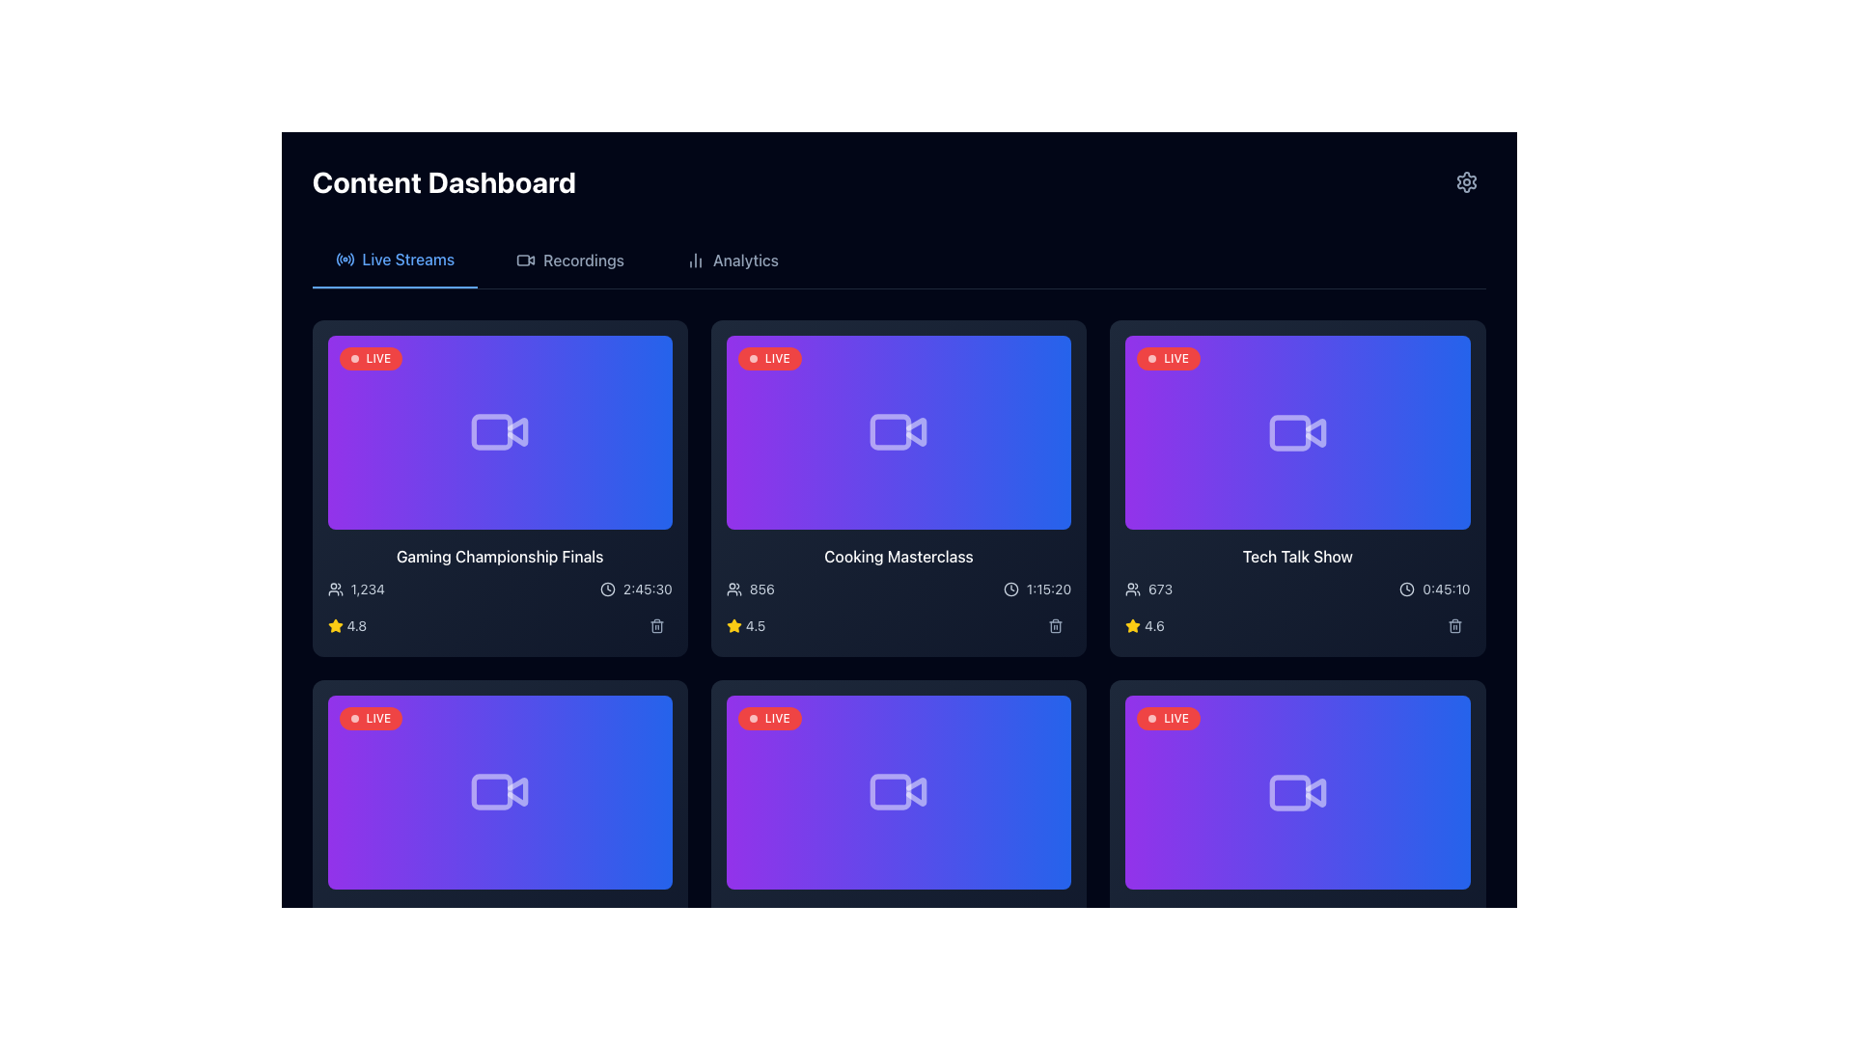 This screenshot has height=1042, width=1853. What do you see at coordinates (898, 431) in the screenshot?
I see `the video thumbnail styled with a gradient from purple to blue, featuring a white video camera icon and a 'LIVE' badge, to play or open the associated video` at bounding box center [898, 431].